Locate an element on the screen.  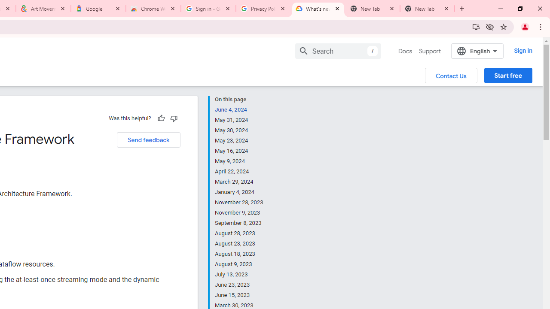
'Start free' is located at coordinates (508, 75).